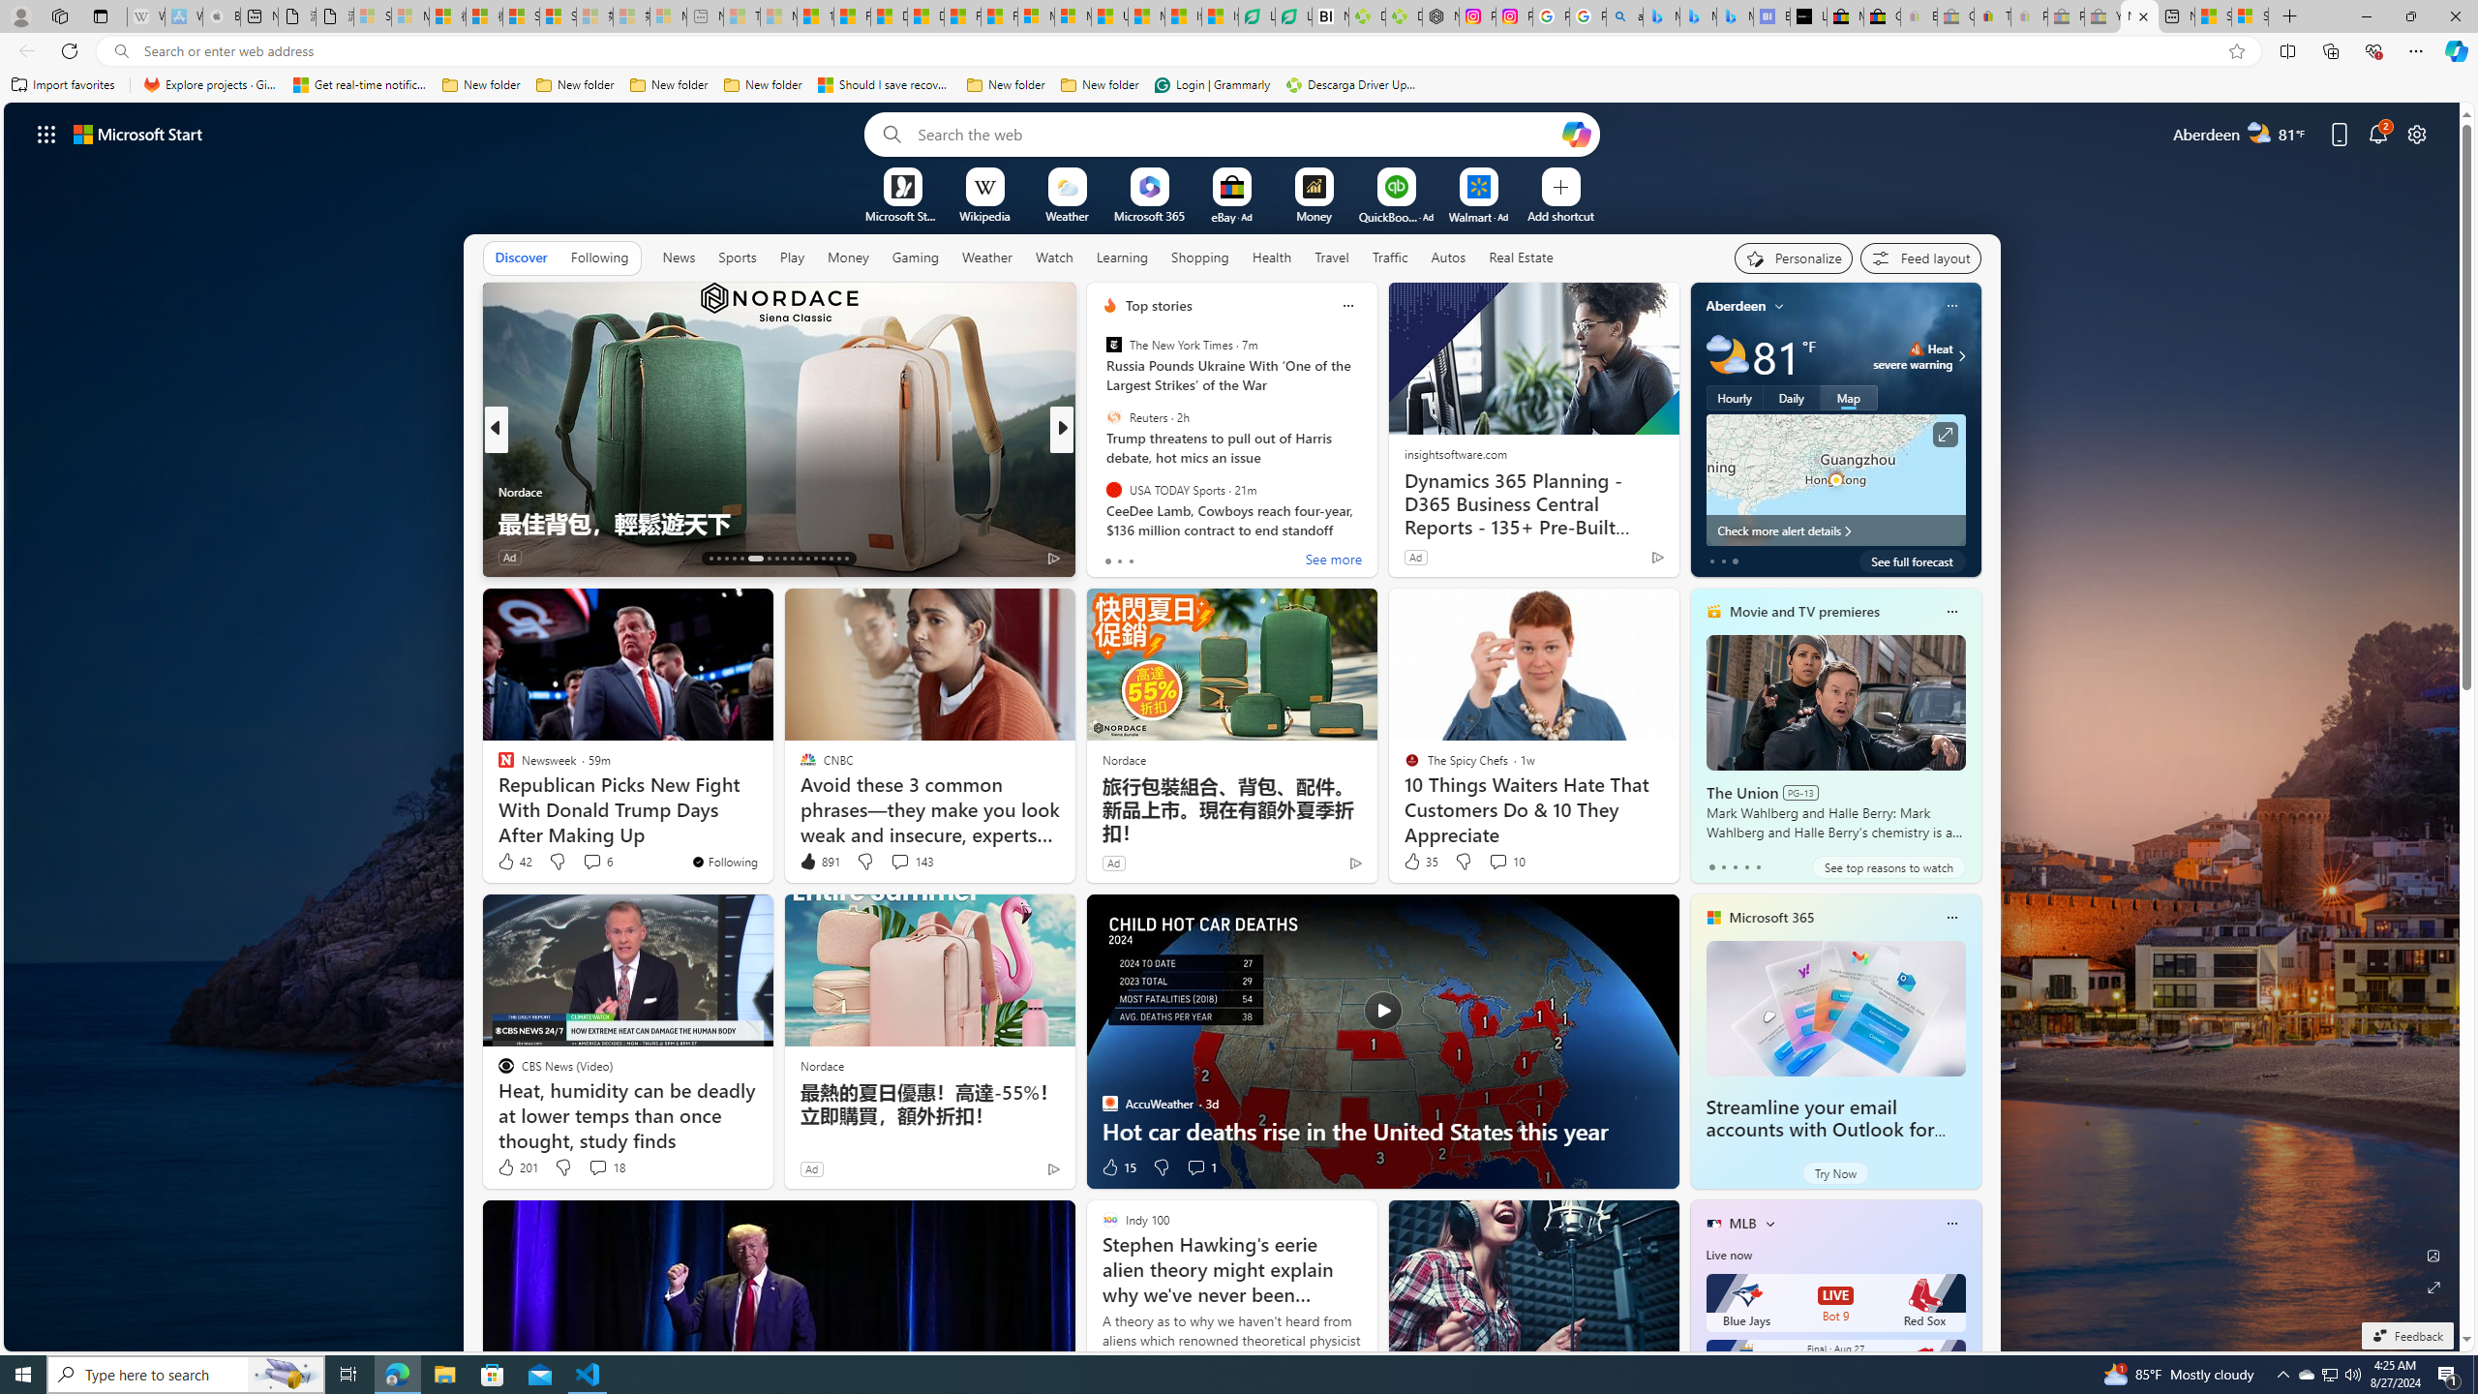 This screenshot has height=1394, width=2478. Describe the element at coordinates (2067, 15) in the screenshot. I see `'Press Room - eBay Inc. - Sleeping'` at that location.